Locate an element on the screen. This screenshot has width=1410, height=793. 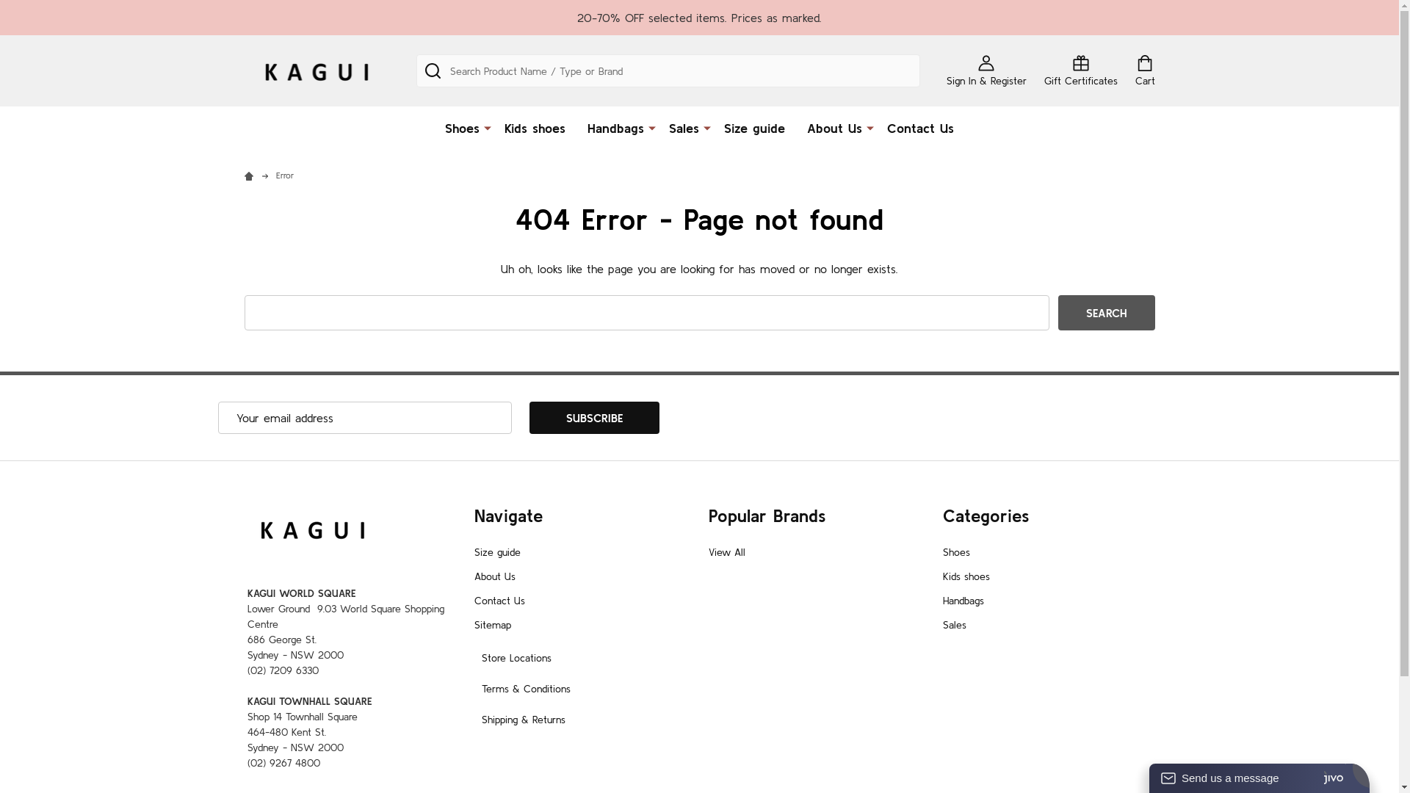
'More' is located at coordinates (870, 126).